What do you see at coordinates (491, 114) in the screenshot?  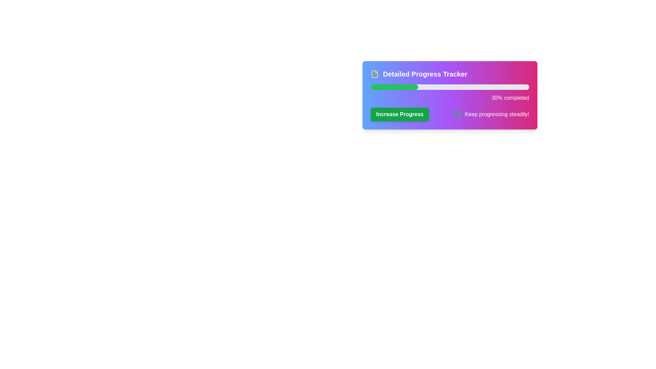 I see `the Text Label that displays 'Keep progressing steadily!' with a green checkmark icon, styled in white against a gradient pink-purple background` at bounding box center [491, 114].